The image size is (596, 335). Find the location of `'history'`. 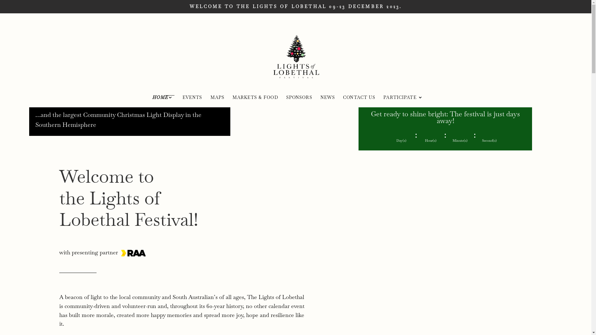

'history' is located at coordinates (226, 306).